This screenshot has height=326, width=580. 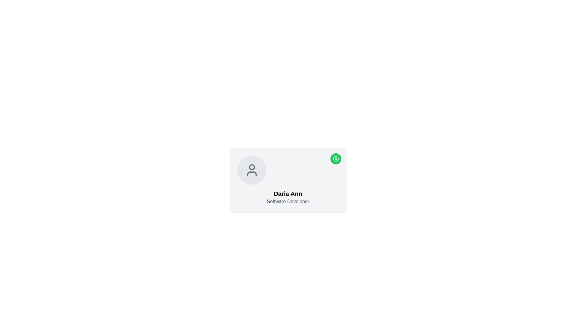 I want to click on the interactive button located at the top-right corner of the user information card, so click(x=335, y=158).